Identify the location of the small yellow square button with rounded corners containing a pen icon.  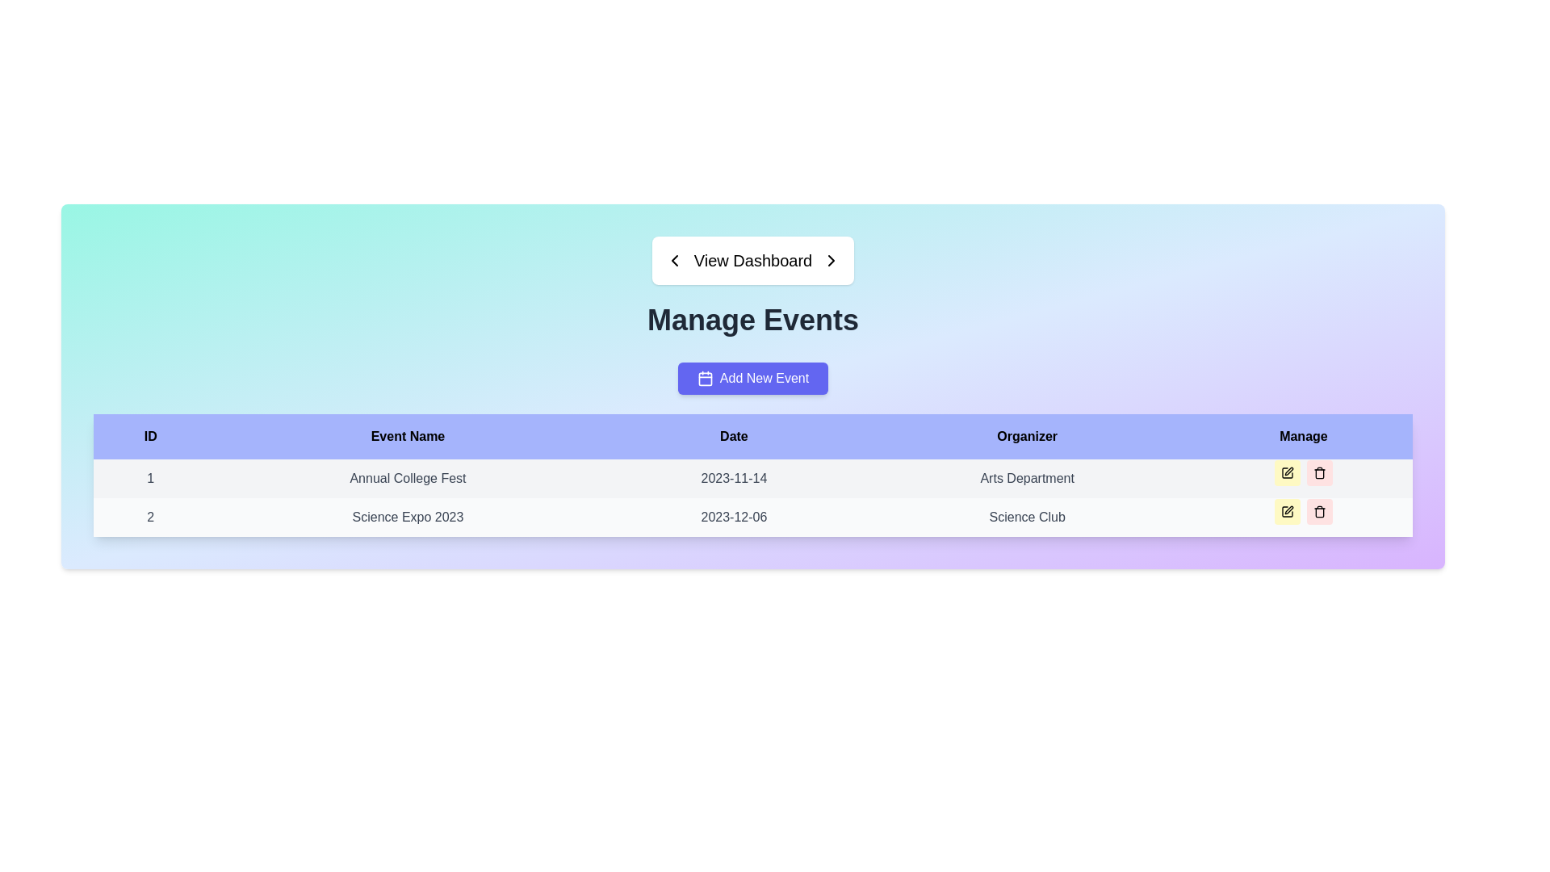
(1286, 511).